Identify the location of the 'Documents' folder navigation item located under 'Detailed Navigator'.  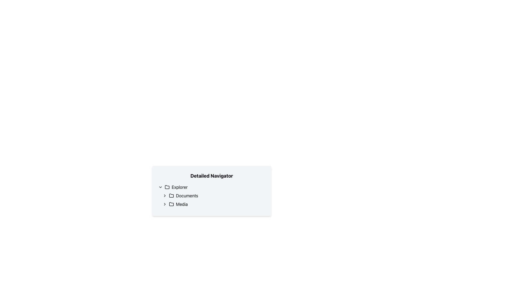
(214, 195).